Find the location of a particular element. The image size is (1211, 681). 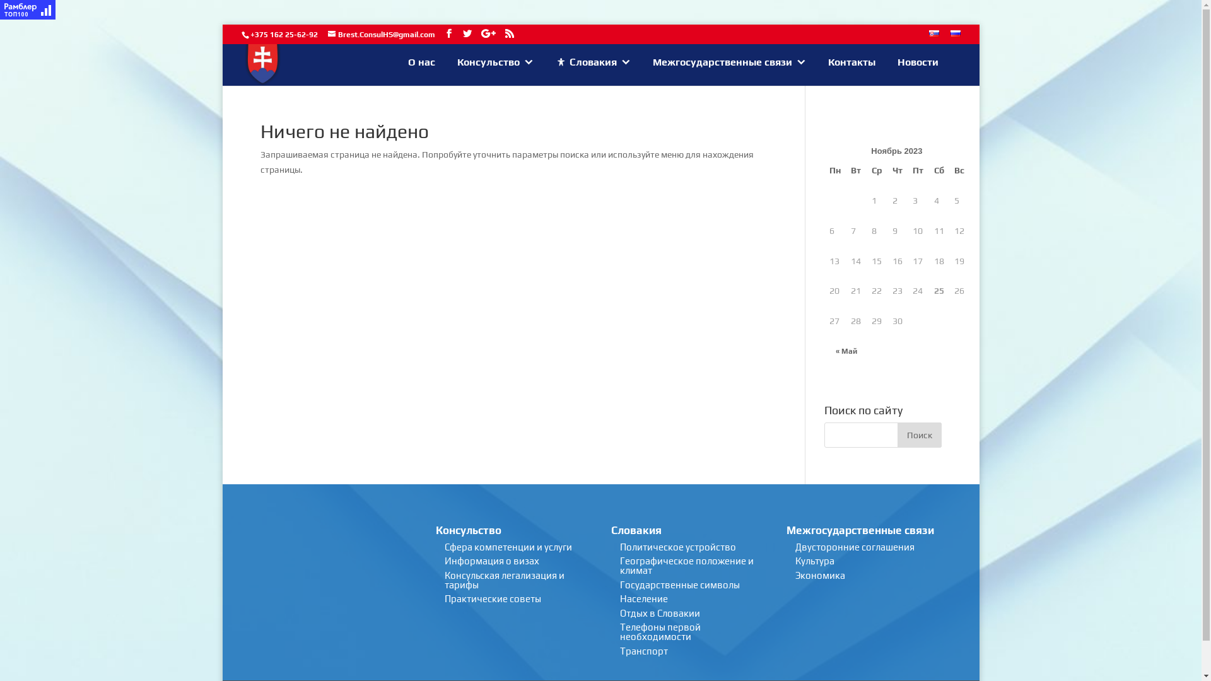

'Brest.ConsulHS@gmail.com' is located at coordinates (380, 33).